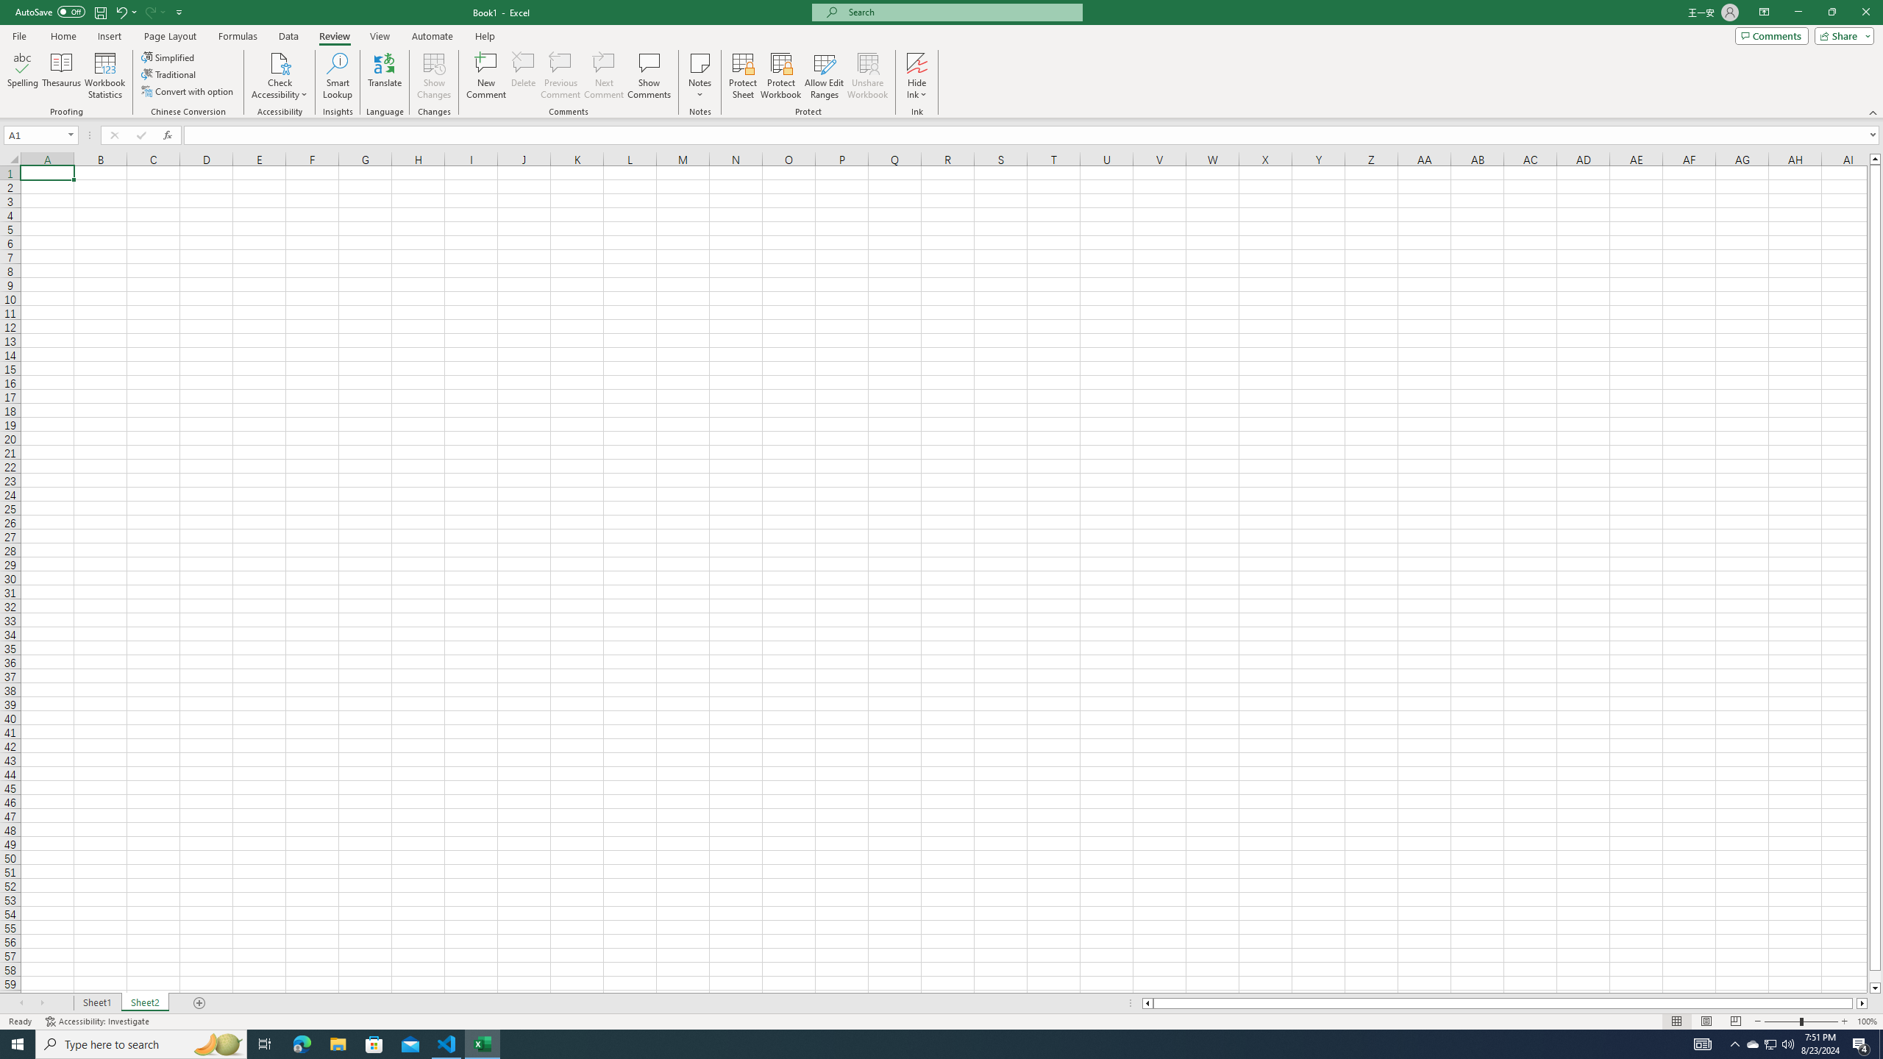 The width and height of the screenshot is (1883, 1059). I want to click on 'Unshare Workbook', so click(867, 76).